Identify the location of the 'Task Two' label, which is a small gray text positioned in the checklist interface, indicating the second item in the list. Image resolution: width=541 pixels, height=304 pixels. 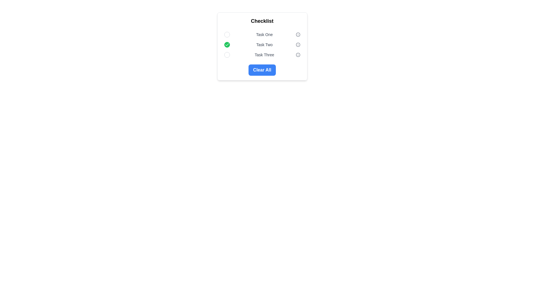
(264, 44).